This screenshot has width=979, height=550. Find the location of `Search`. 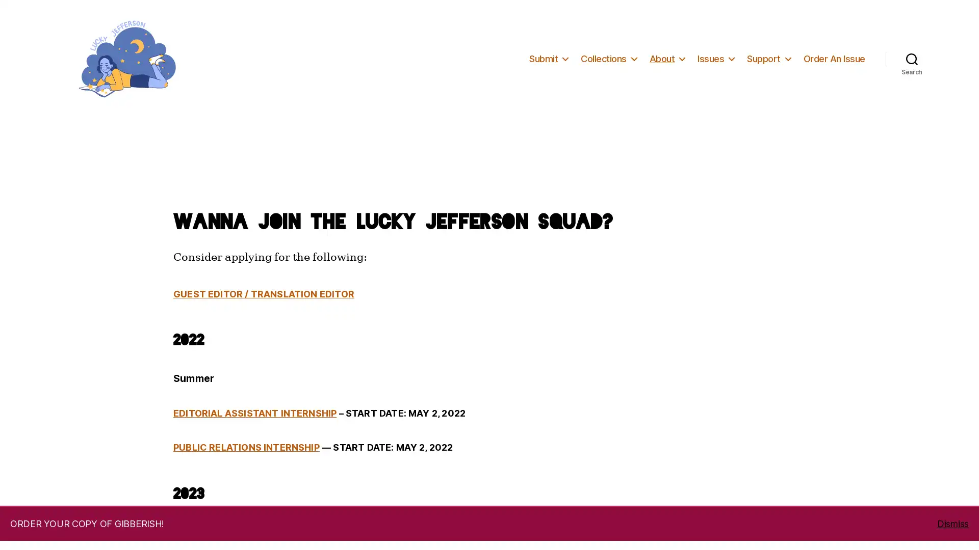

Search is located at coordinates (912, 59).